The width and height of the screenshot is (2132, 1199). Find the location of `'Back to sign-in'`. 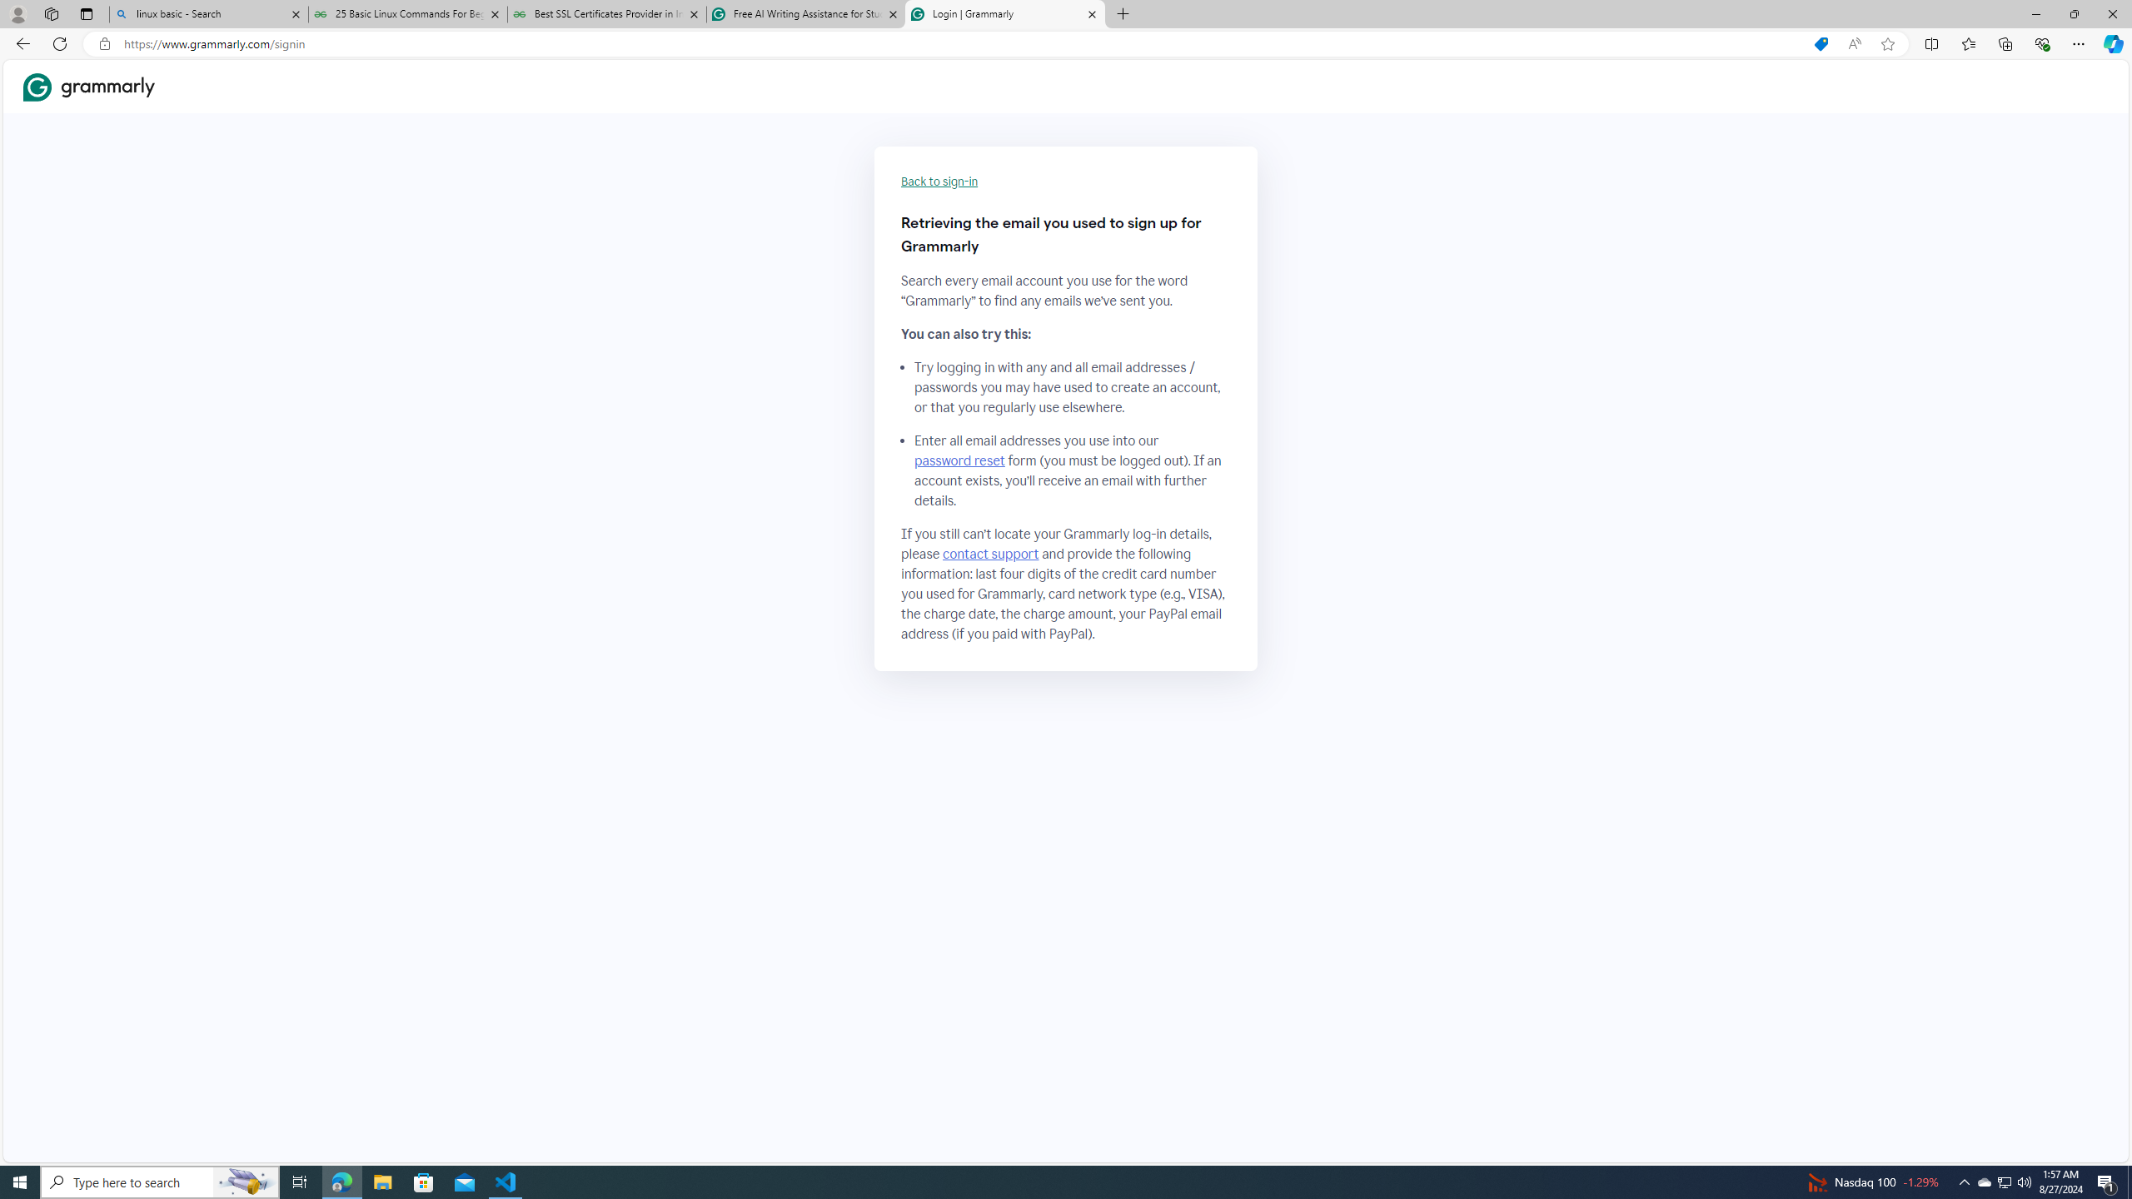

'Back to sign-in' is located at coordinates (939, 182).